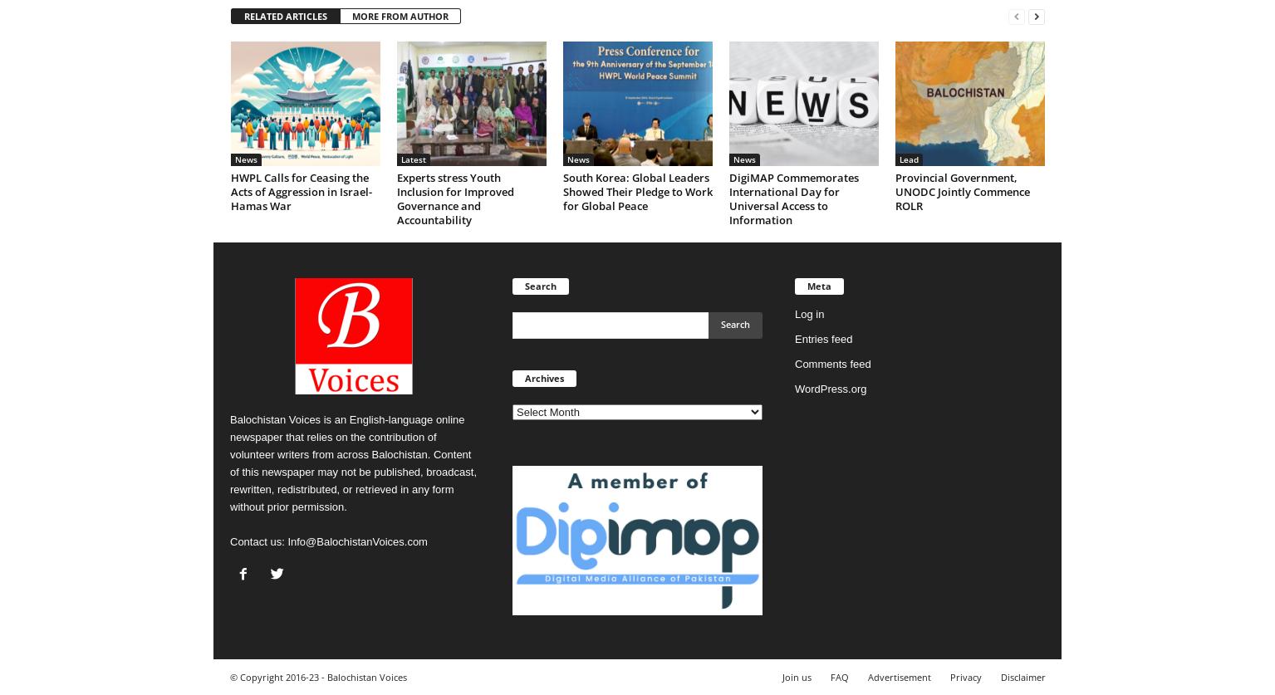  Describe the element at coordinates (793, 198) in the screenshot. I see `'DigiMAP Commemorates International Day for Universal Access to Information'` at that location.